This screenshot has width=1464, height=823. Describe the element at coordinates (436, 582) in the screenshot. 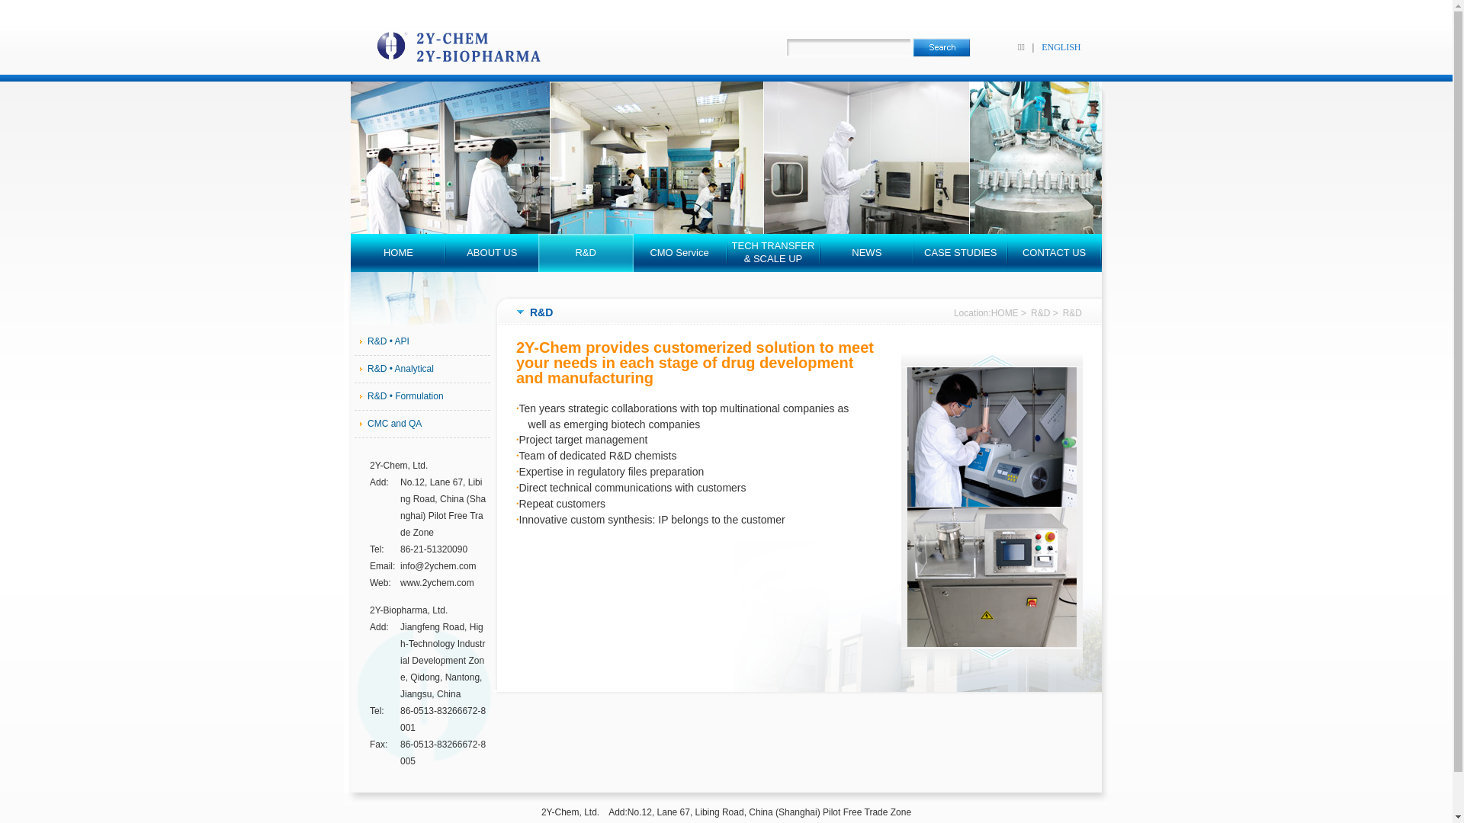

I see `'www.2ychem.com'` at that location.